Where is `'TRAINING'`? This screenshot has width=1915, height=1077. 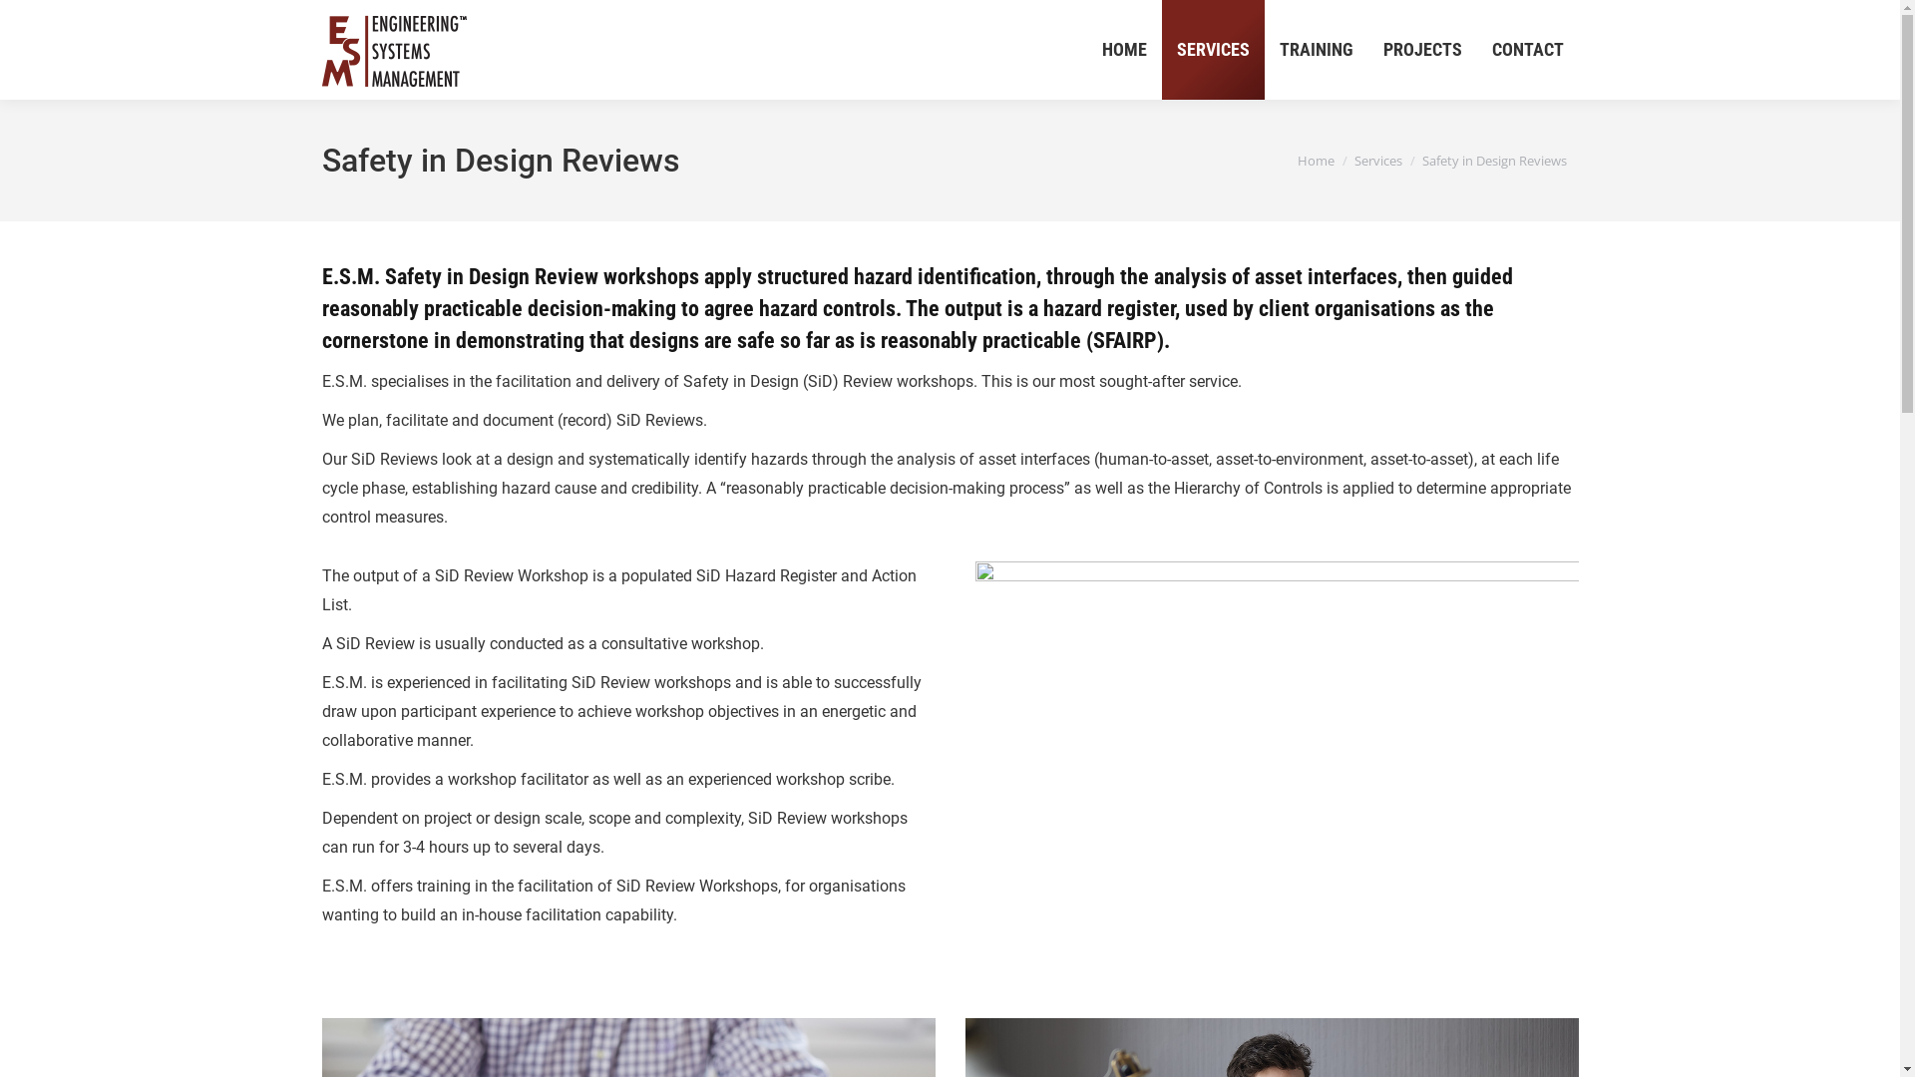 'TRAINING' is located at coordinates (1263, 49).